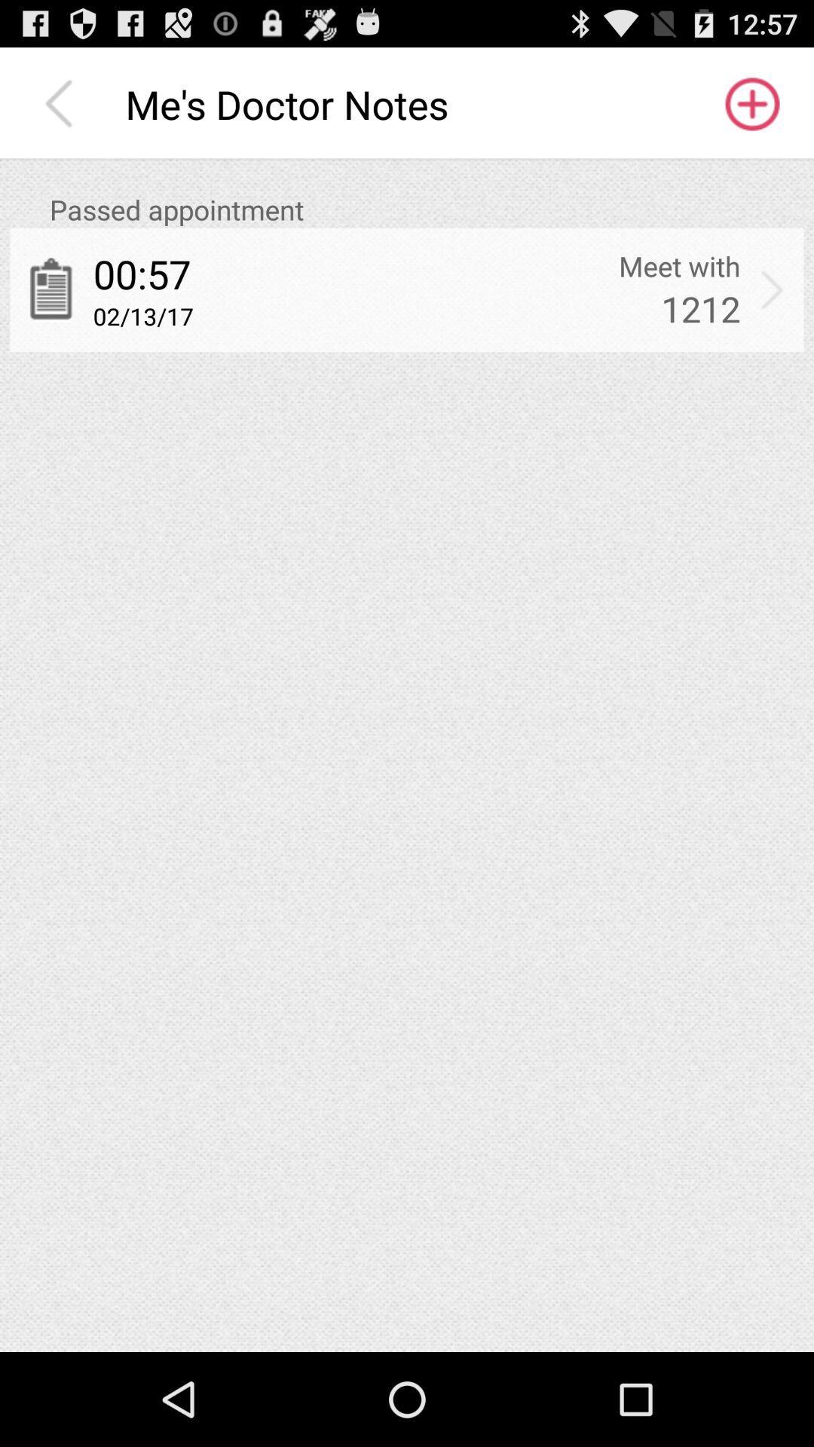 This screenshot has height=1447, width=814. I want to click on app to the right of the meet with app, so click(772, 289).